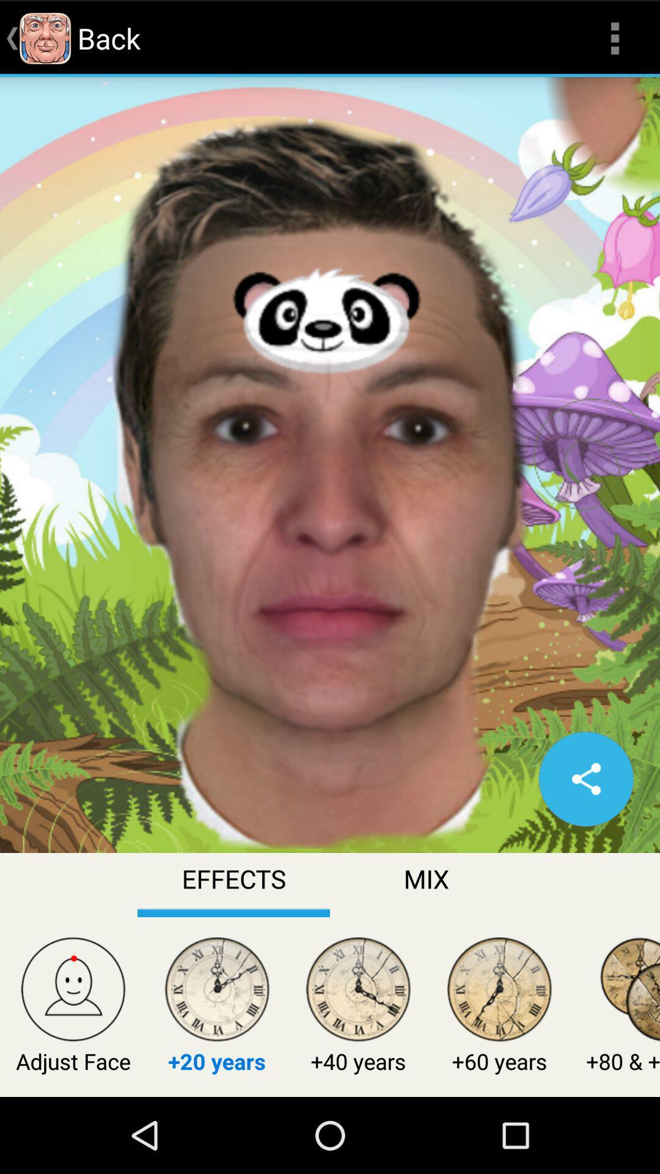 This screenshot has height=1174, width=660. Describe the element at coordinates (73, 992) in the screenshot. I see `icon above adjust face` at that location.